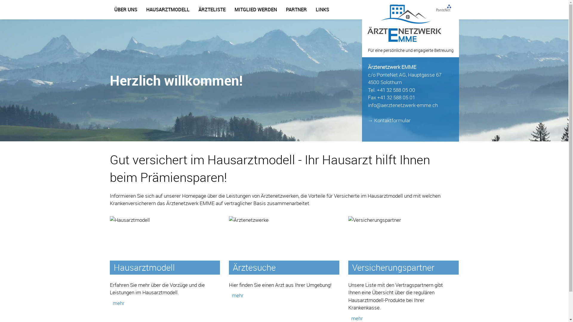 Image resolution: width=573 pixels, height=322 pixels. What do you see at coordinates (117, 303) in the screenshot?
I see `'mehr'` at bounding box center [117, 303].